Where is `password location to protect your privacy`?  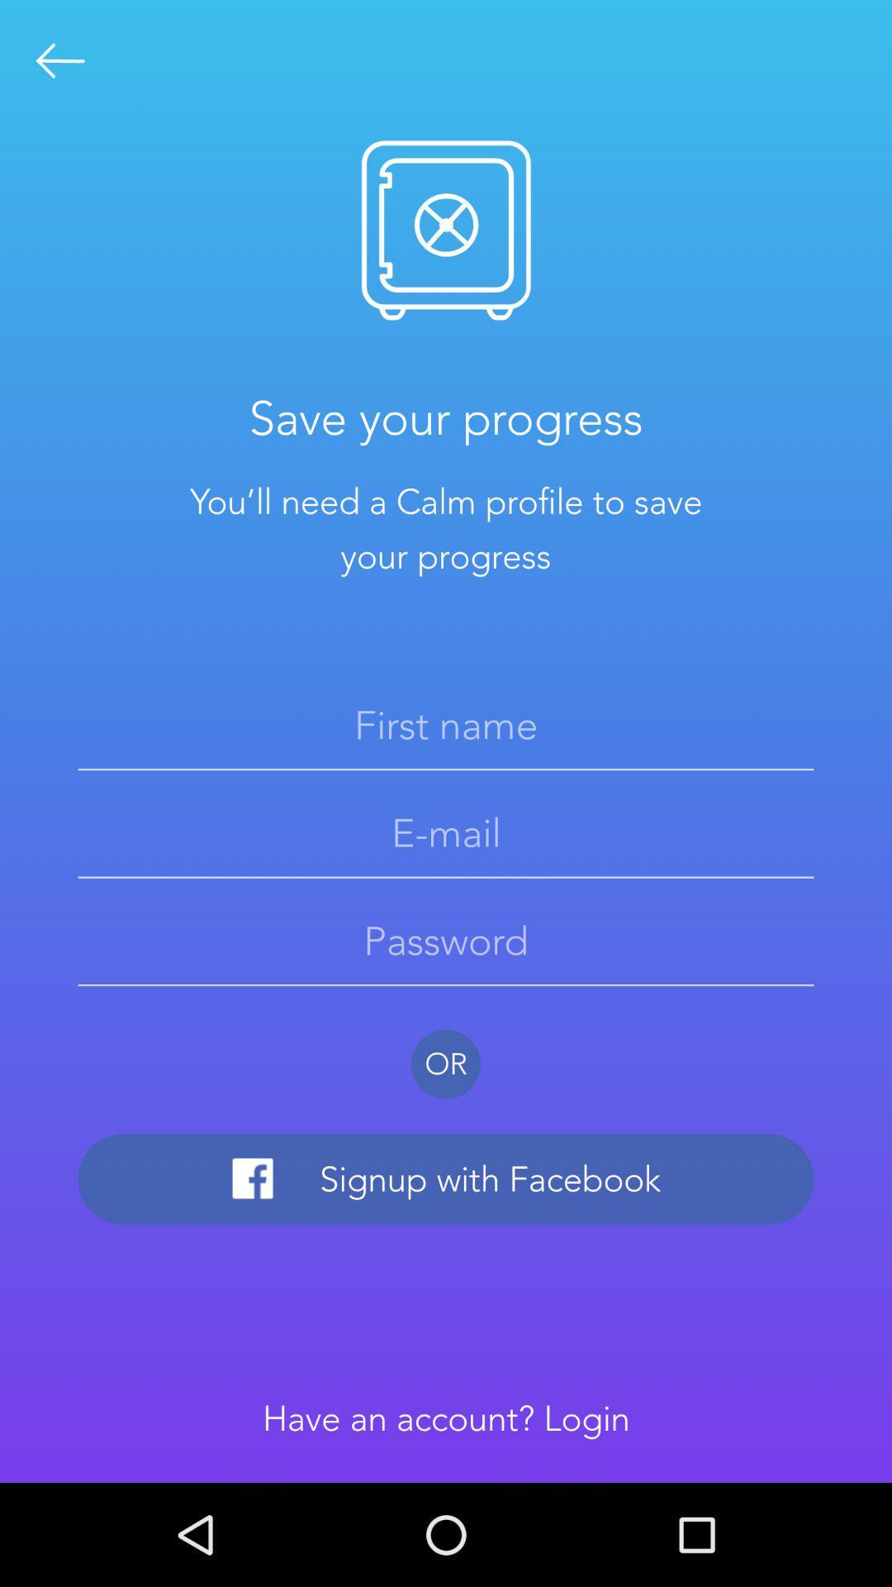 password location to protect your privacy is located at coordinates (446, 941).